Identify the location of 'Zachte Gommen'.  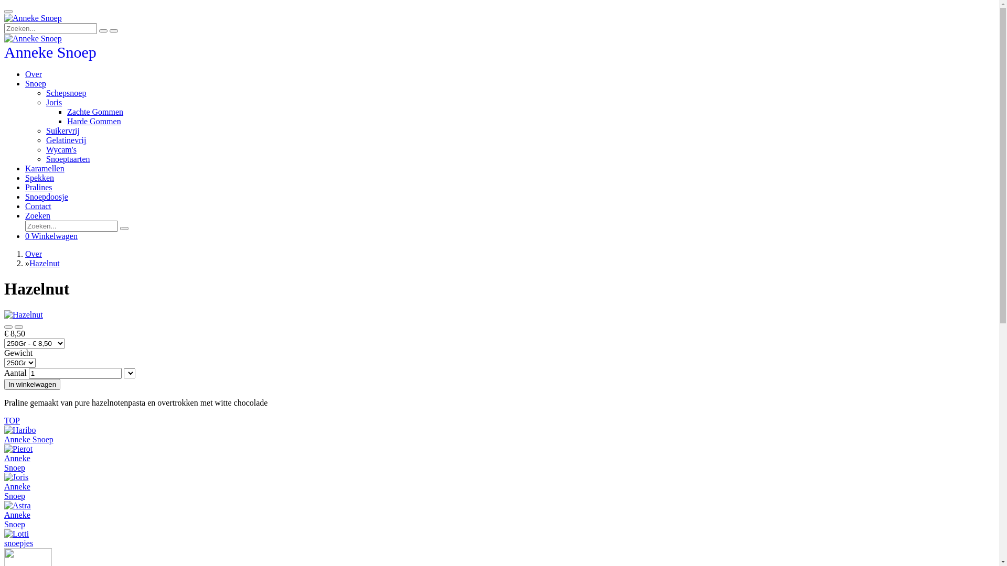
(95, 112).